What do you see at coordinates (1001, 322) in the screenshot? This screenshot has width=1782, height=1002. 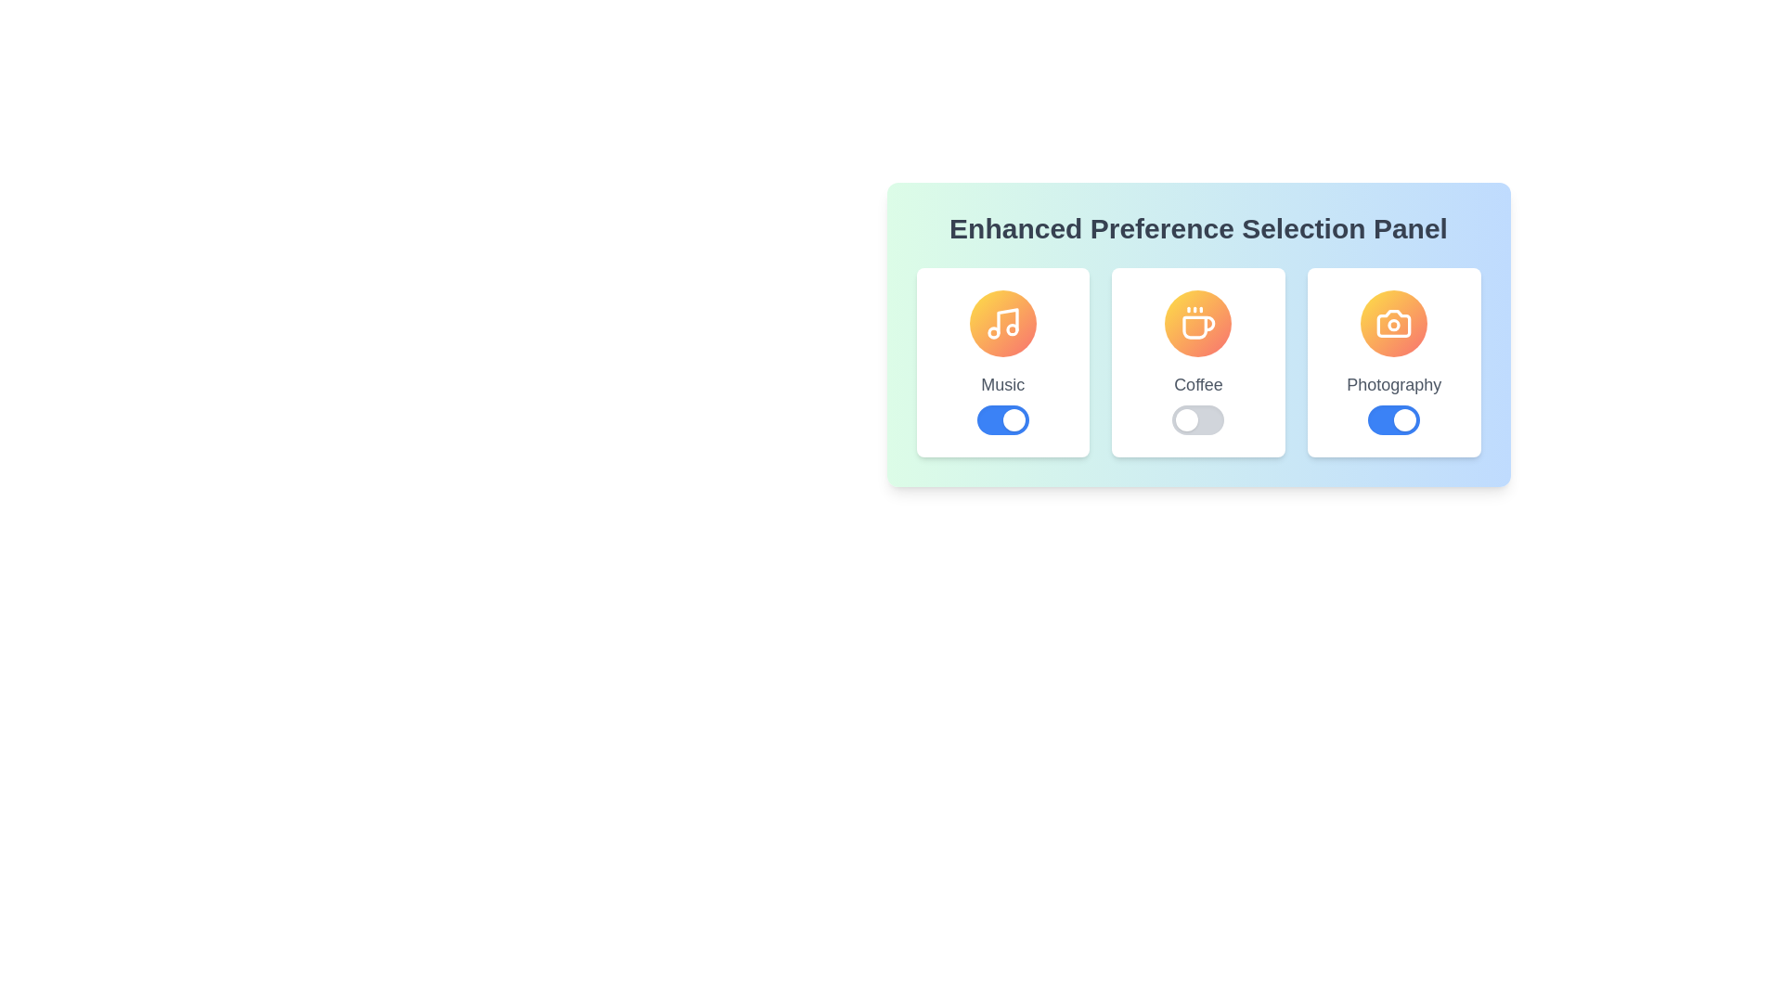 I see `the icon for Music` at bounding box center [1001, 322].